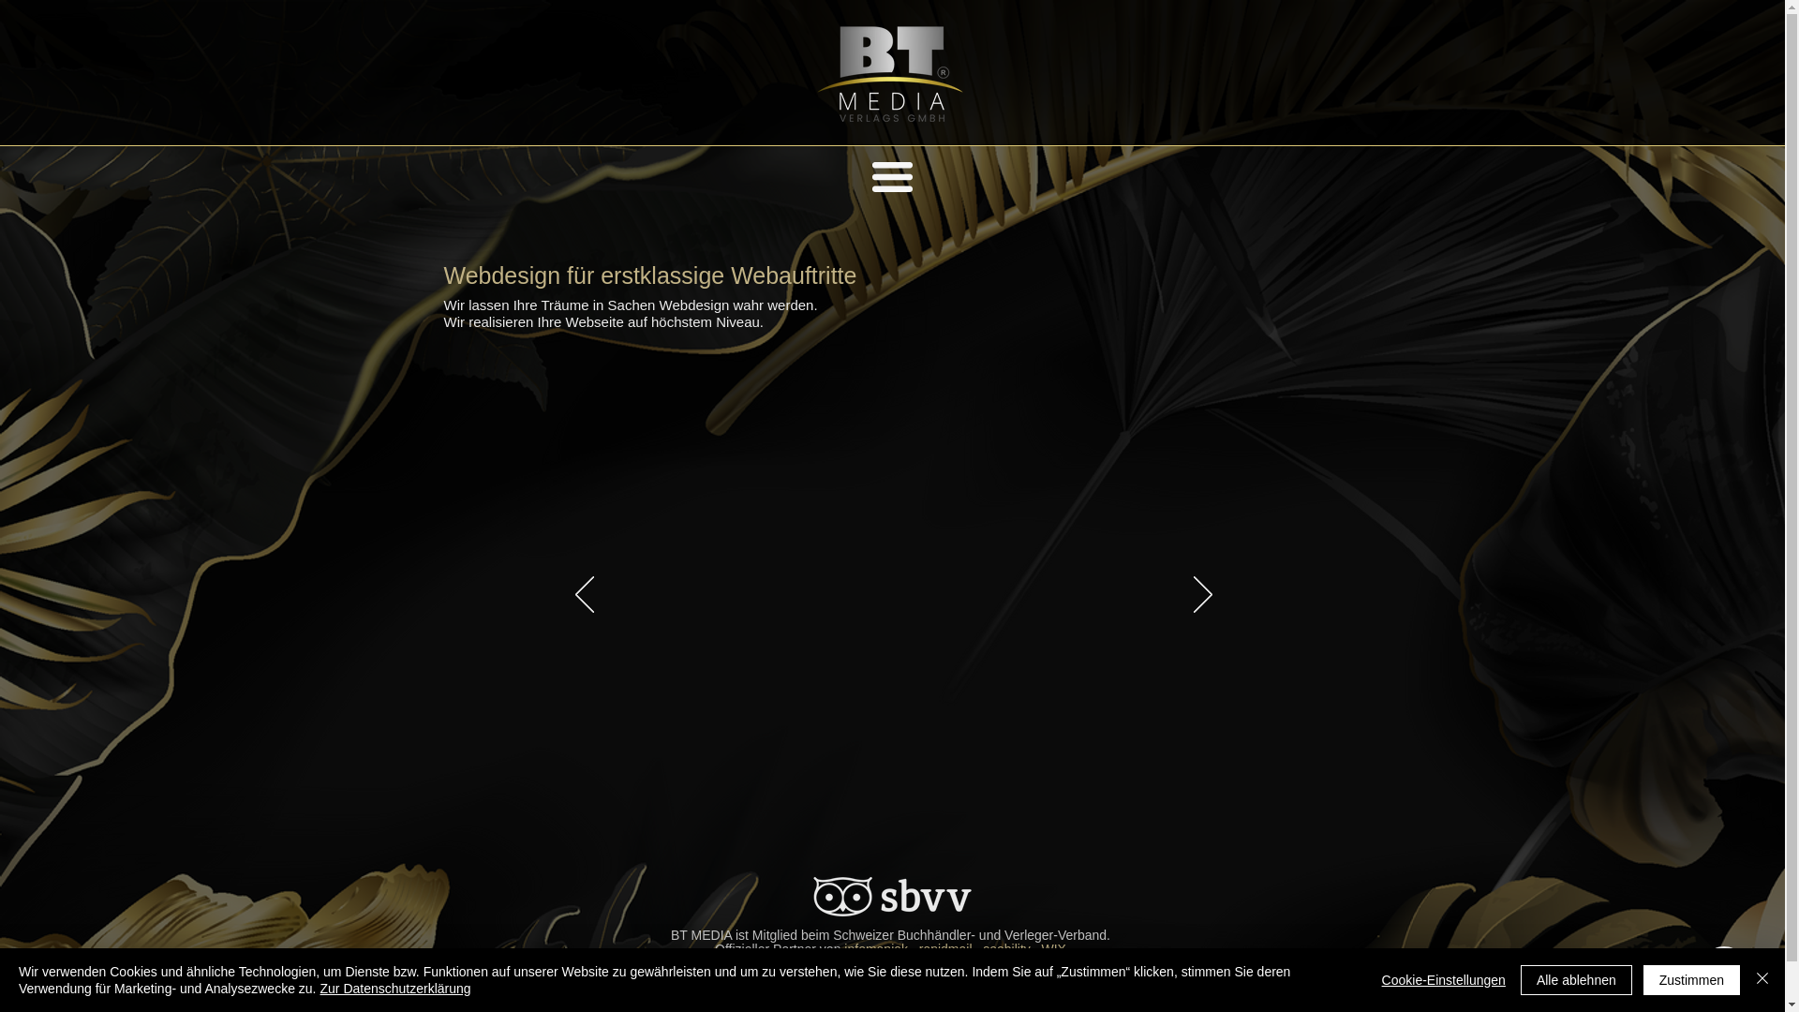 This screenshot has width=1799, height=1012. I want to click on 'Alle ablehnen', so click(1575, 978).